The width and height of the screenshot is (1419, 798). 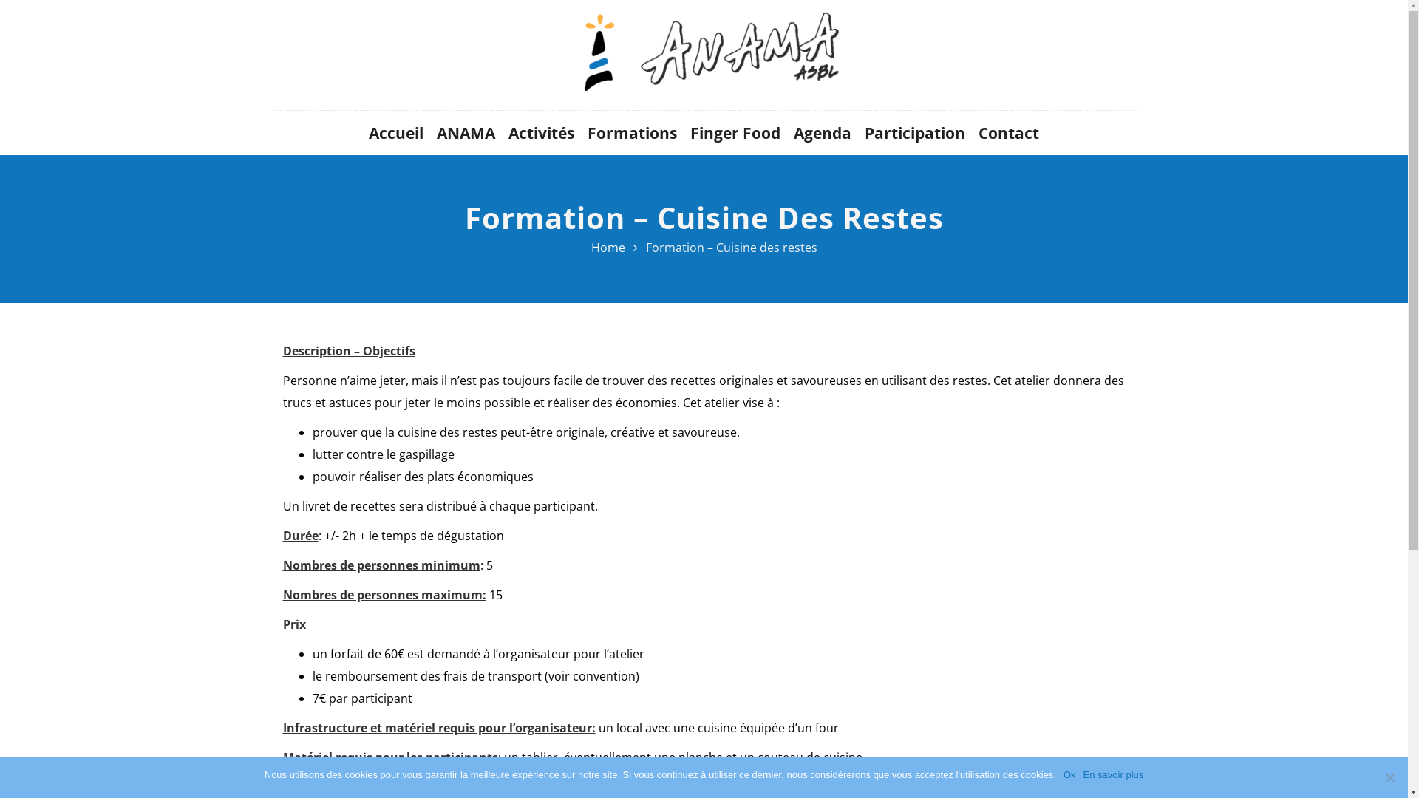 I want to click on 'Agenda', so click(x=822, y=133).